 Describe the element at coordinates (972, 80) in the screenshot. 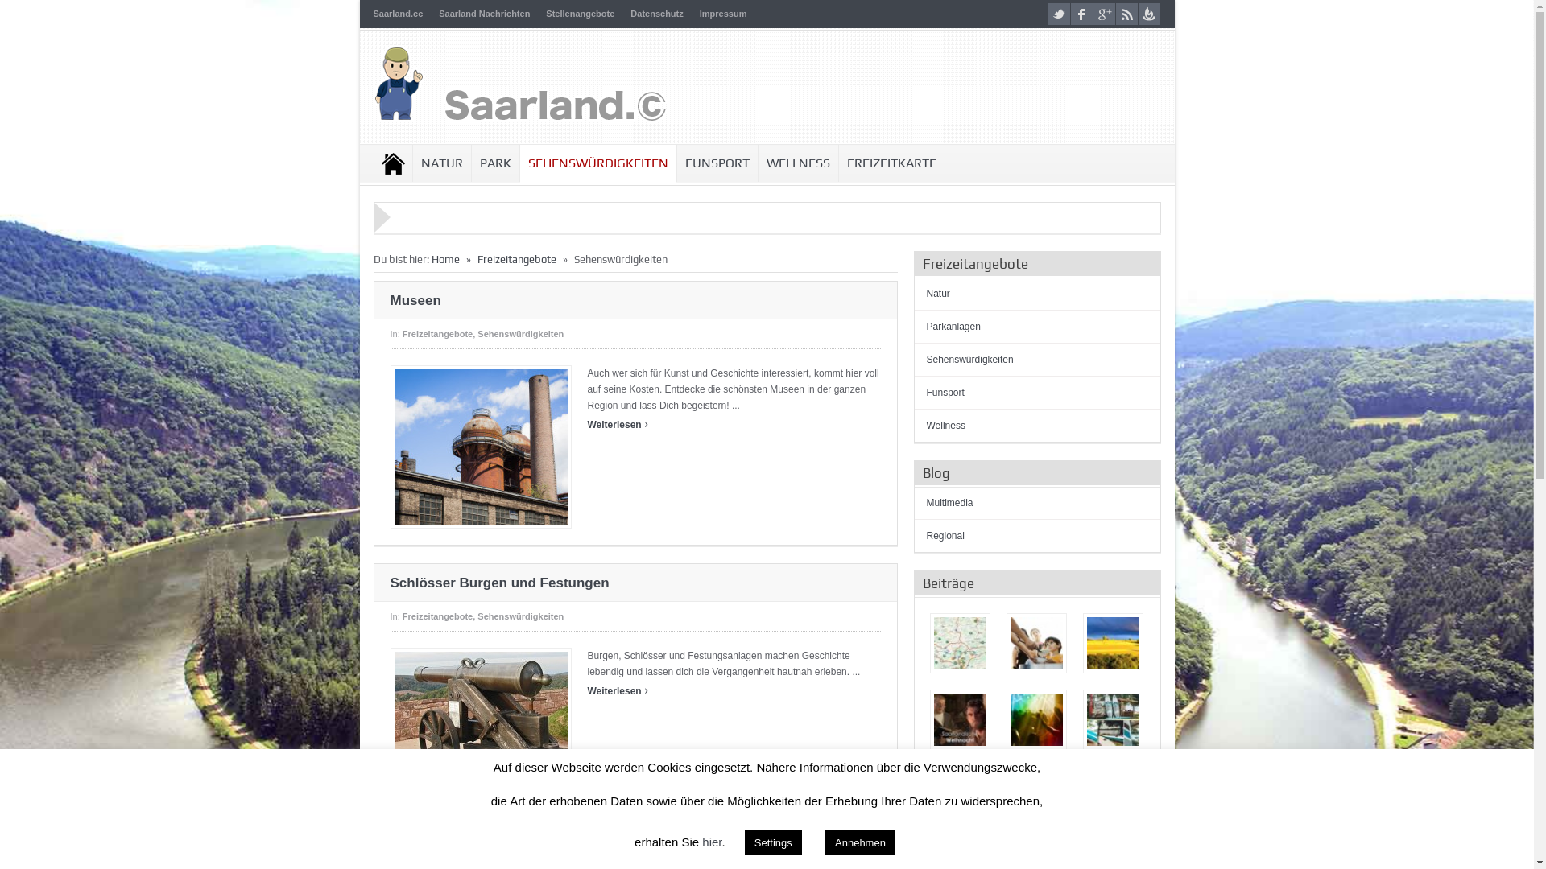

I see `'Advertisement'` at that location.